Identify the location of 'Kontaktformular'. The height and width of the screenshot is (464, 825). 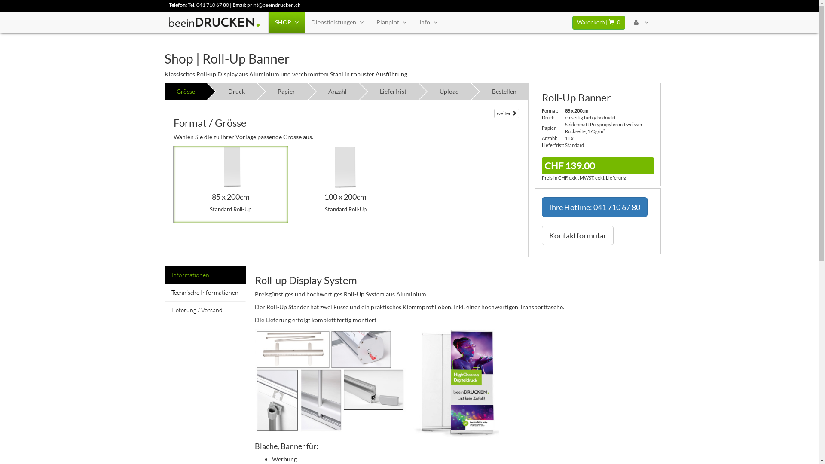
(577, 235).